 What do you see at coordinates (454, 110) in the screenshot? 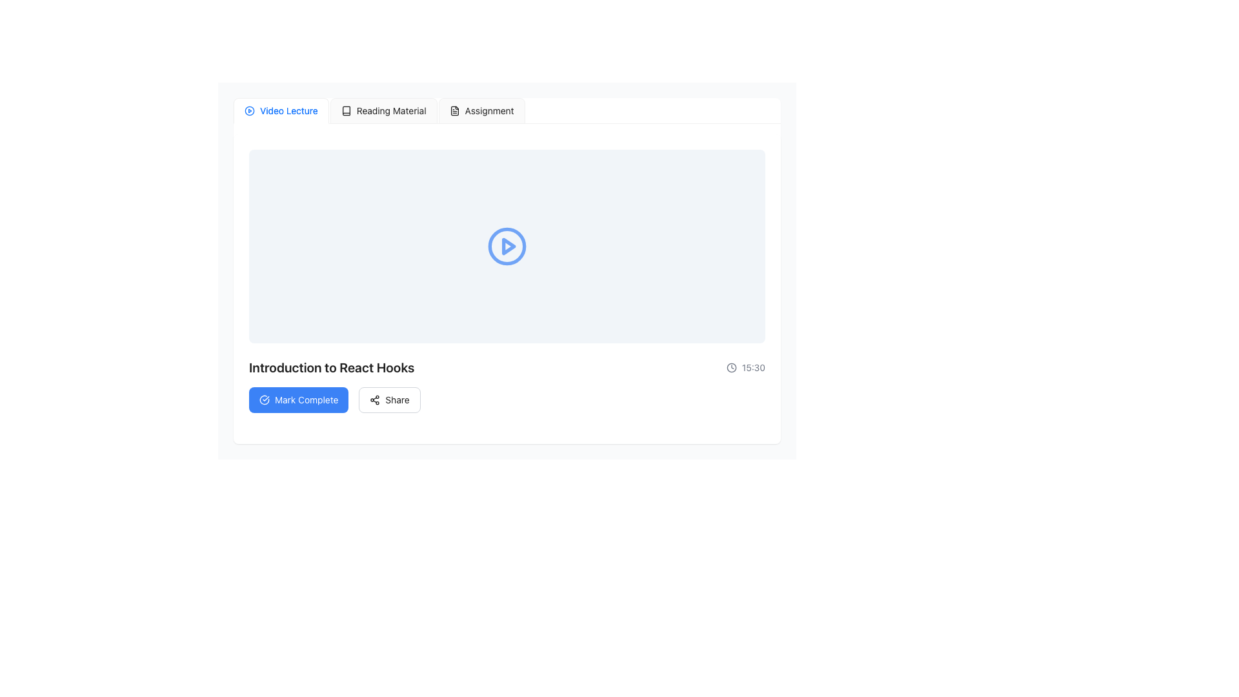
I see `the 'Assignment' tab icon located between the 'Reading Material' tab and the 'Video Lecture' tab in the top navigation interface` at bounding box center [454, 110].